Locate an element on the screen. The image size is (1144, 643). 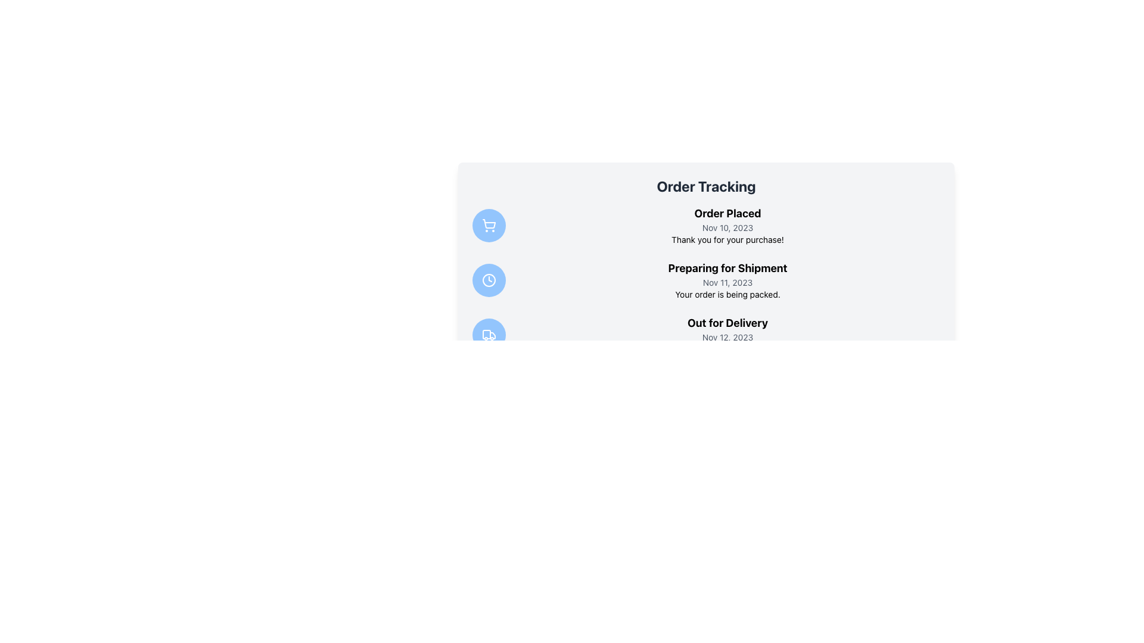
delivery information from the text block titled 'Out for Delivery', which includes the date 'Nov 12, 2023' and the message 'The courier has picked up your order.' is located at coordinates (727, 335).